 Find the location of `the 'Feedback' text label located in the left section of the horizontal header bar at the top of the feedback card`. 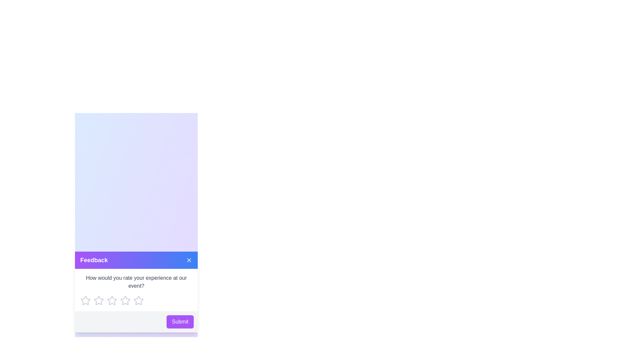

the 'Feedback' text label located in the left section of the horizontal header bar at the top of the feedback card is located at coordinates (94, 260).